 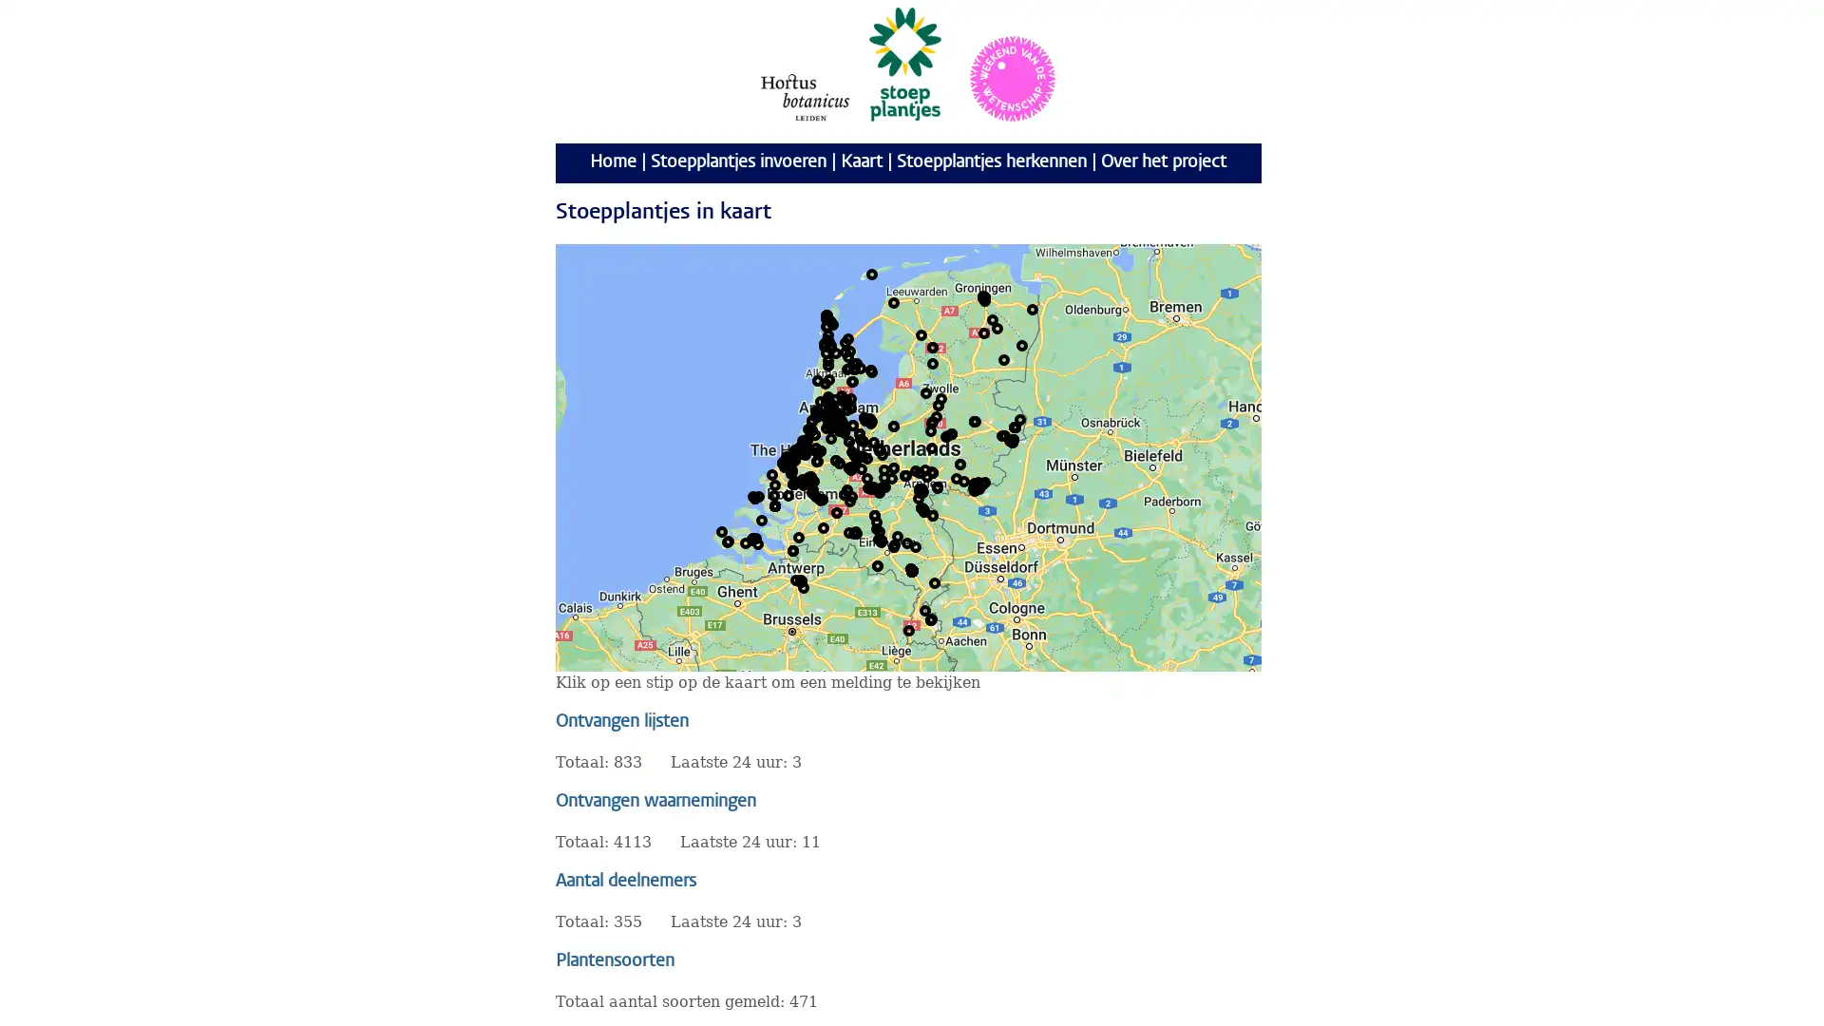 What do you see at coordinates (984, 296) in the screenshot?
I see `Telling van Andre H op 24 oktober 2021` at bounding box center [984, 296].